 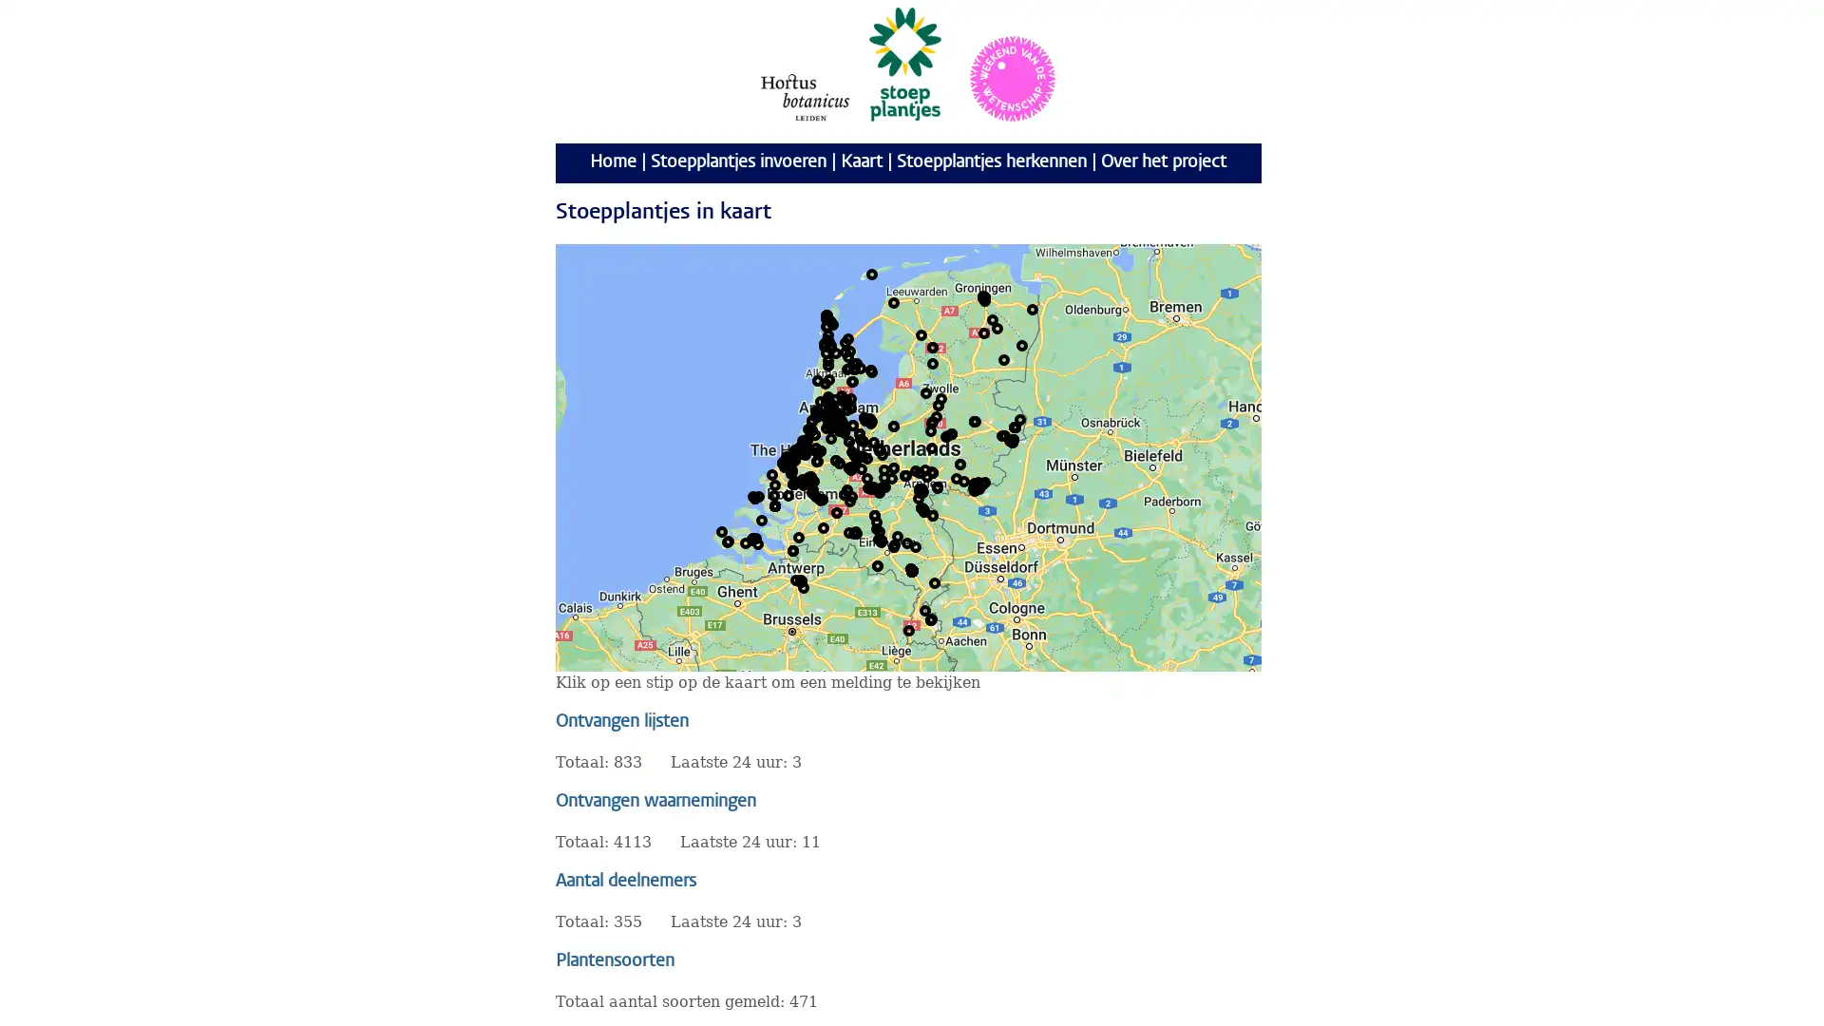 What do you see at coordinates (984, 296) in the screenshot?
I see `Telling van Andre H op 24 oktober 2021` at bounding box center [984, 296].